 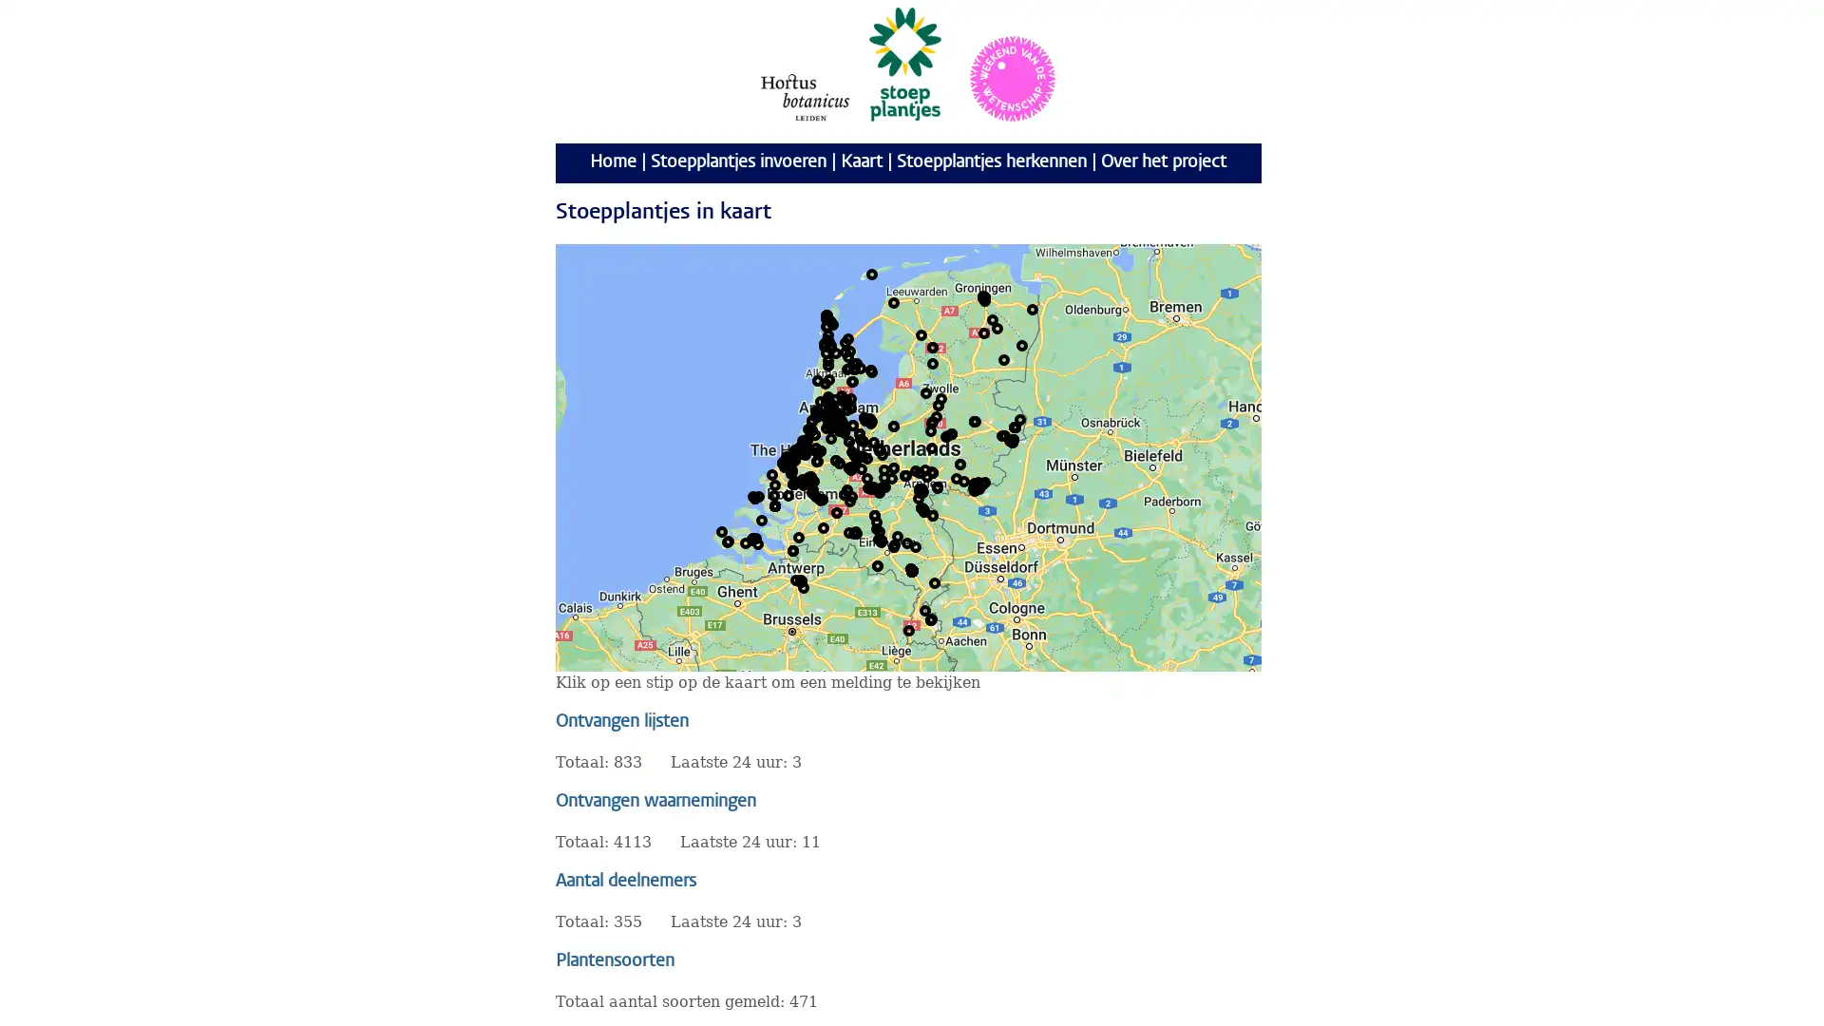 What do you see at coordinates (984, 296) in the screenshot?
I see `Telling van Andre H op 24 oktober 2021` at bounding box center [984, 296].